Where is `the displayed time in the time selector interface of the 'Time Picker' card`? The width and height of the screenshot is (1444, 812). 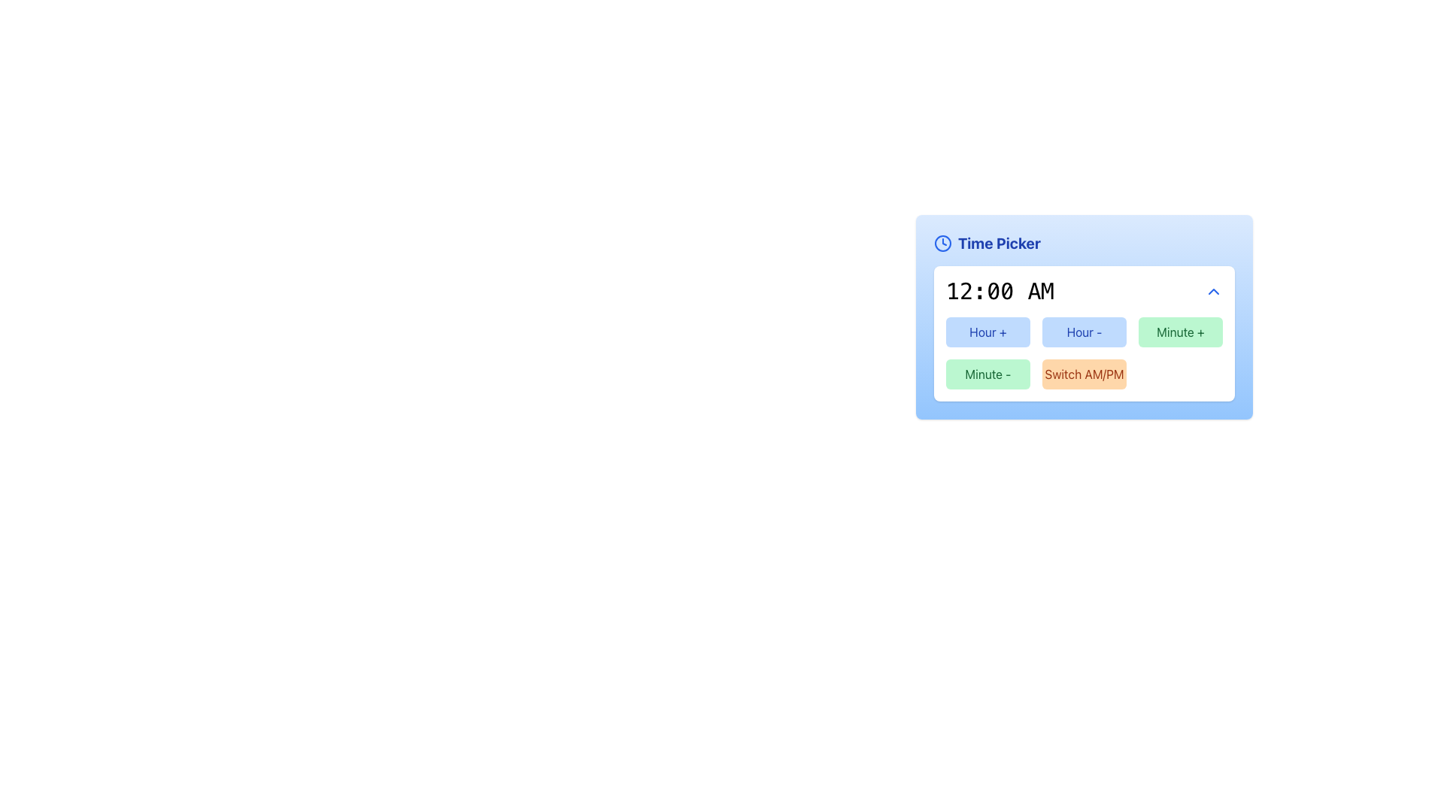 the displayed time in the time selector interface of the 'Time Picker' card is located at coordinates (1084, 332).